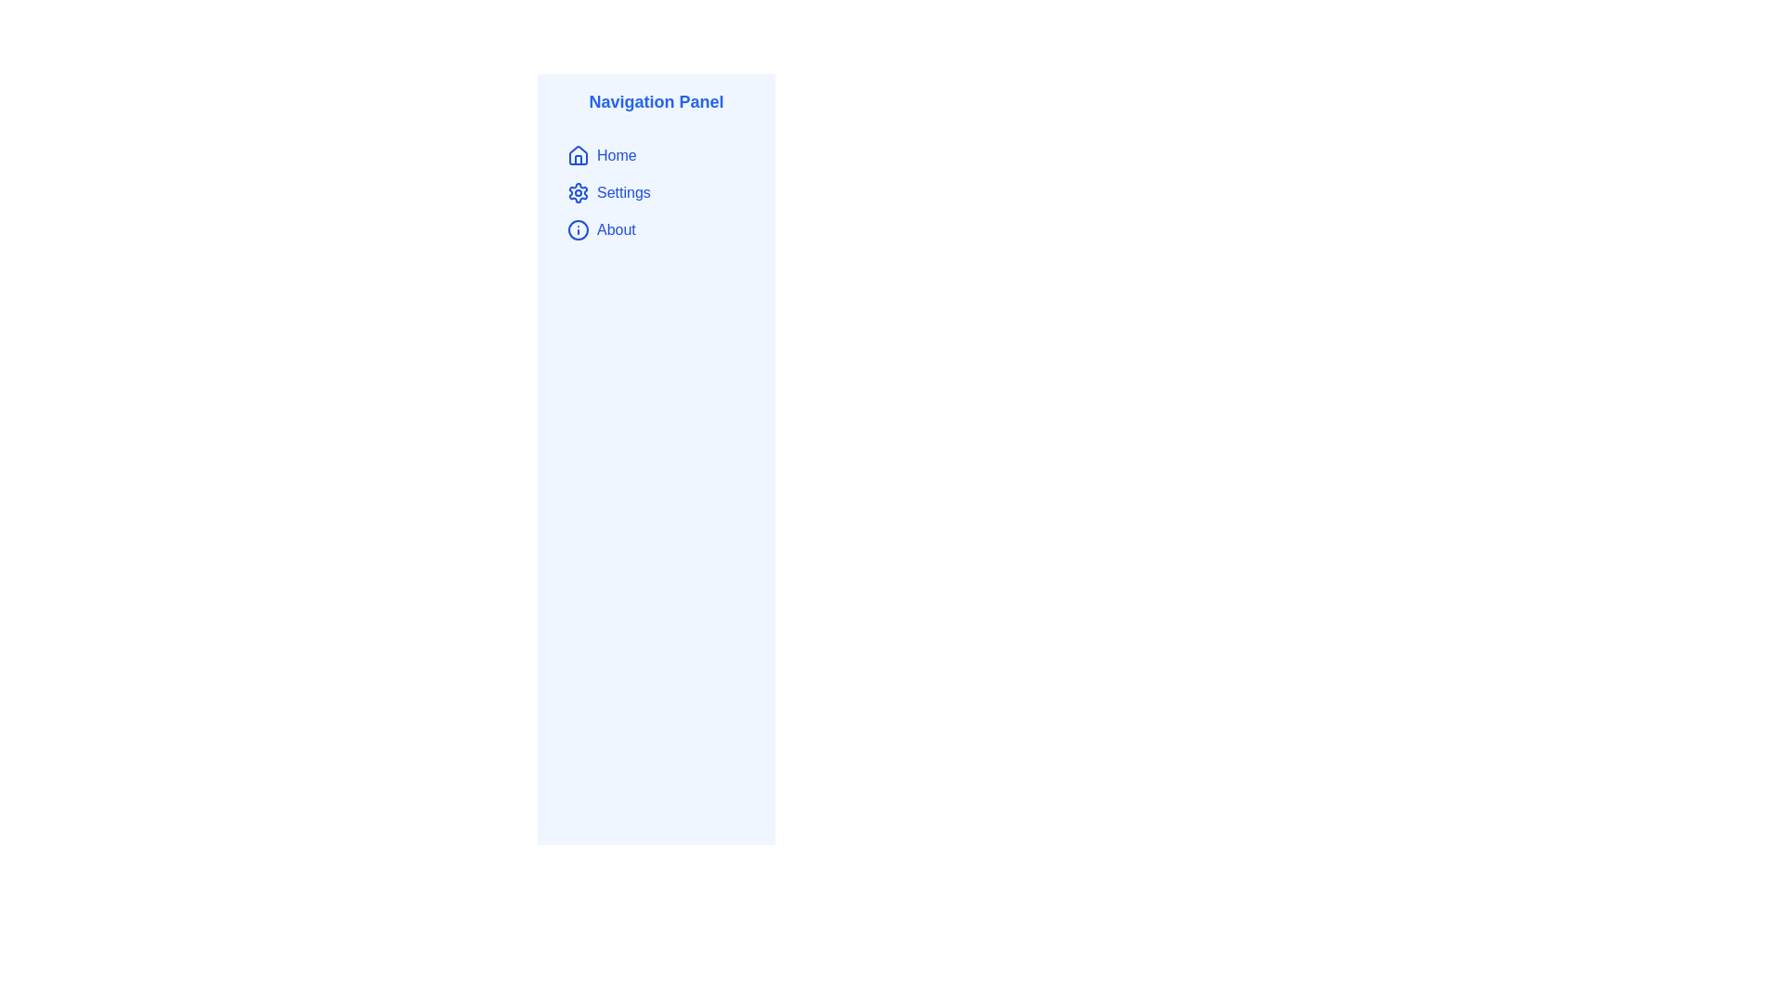  I want to click on the text label for the third menu item in the navigation panel, so click(616, 228).